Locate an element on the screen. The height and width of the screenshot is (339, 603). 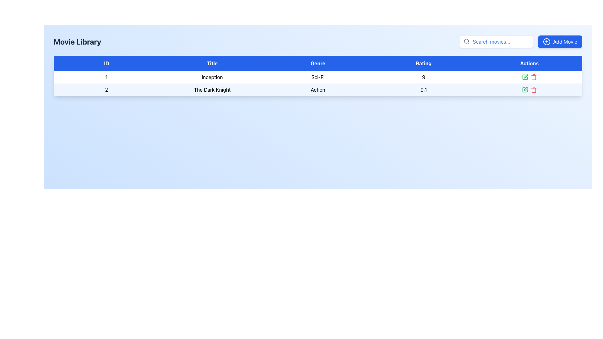
the Table Header labeled 'ID', which is a rectangular blue box with white text, positioned at the leftmost side of the header group in the table is located at coordinates (106, 63).